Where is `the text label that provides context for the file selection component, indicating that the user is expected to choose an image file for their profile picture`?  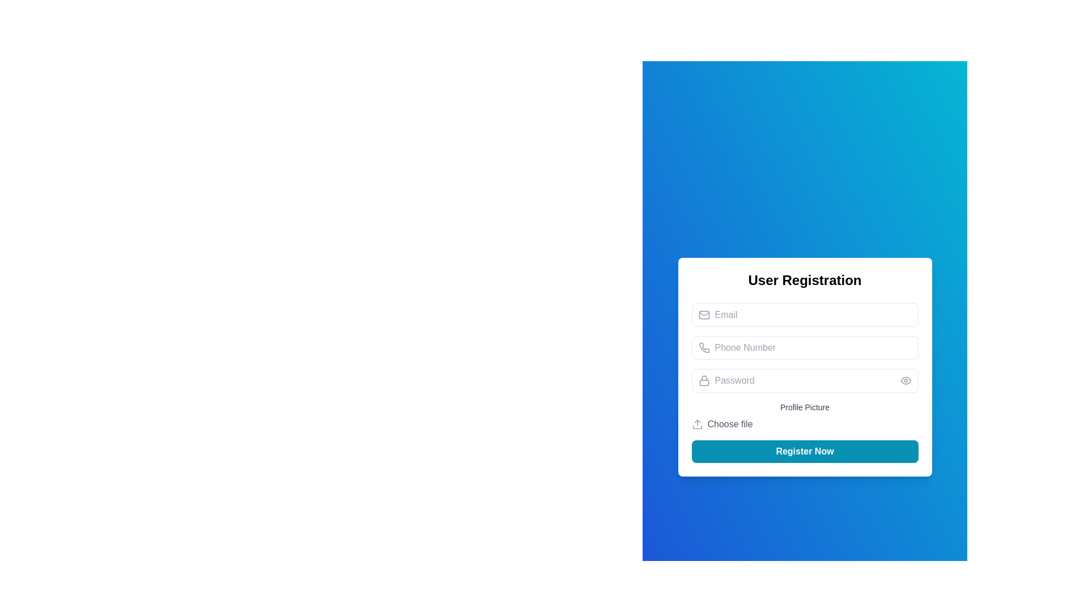 the text label that provides context for the file selection component, indicating that the user is expected to choose an image file for their profile picture is located at coordinates (804, 406).